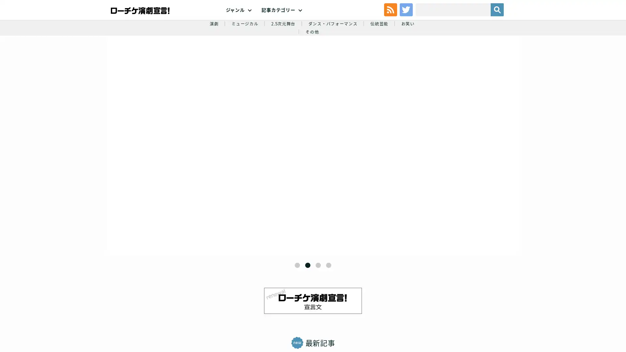 This screenshot has width=626, height=352. What do you see at coordinates (139, 164) in the screenshot?
I see `Previous` at bounding box center [139, 164].